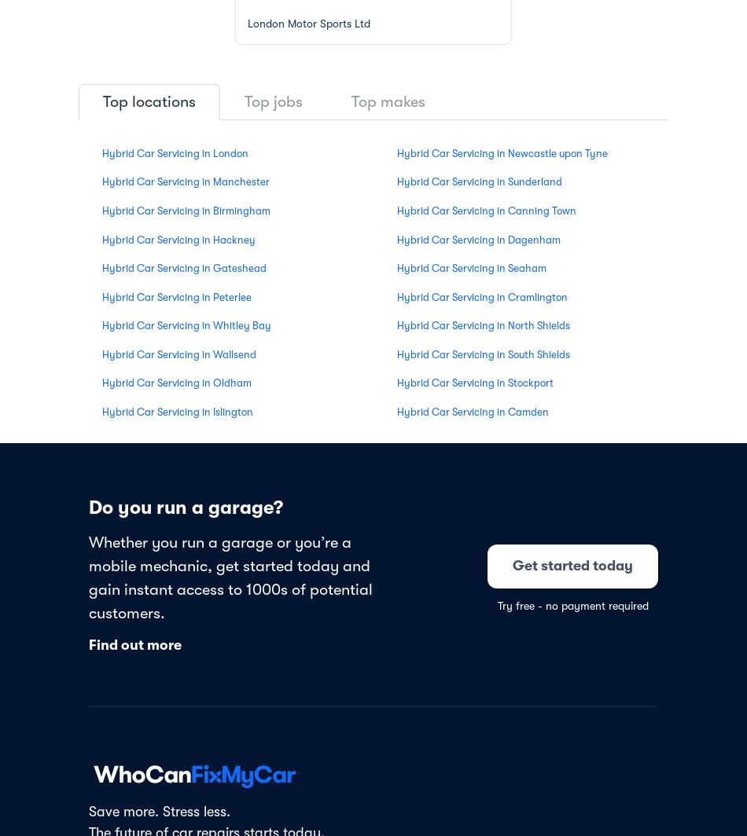  I want to click on 'Hybrid Car Servicing in Whitley Bay', so click(101, 325).